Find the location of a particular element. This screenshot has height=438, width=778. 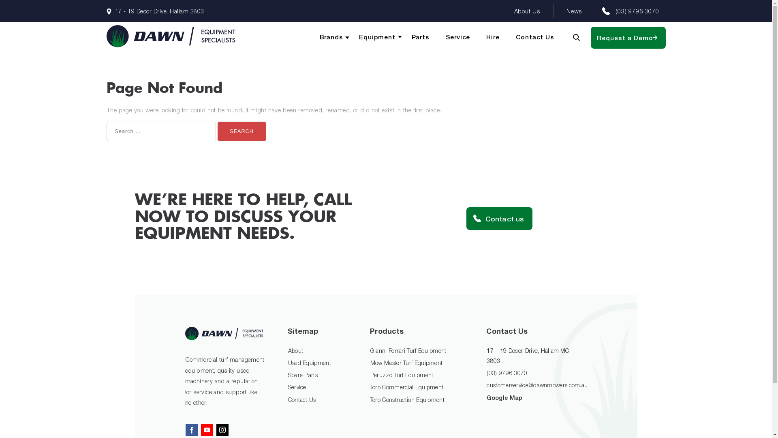

'Parts' is located at coordinates (420, 37).